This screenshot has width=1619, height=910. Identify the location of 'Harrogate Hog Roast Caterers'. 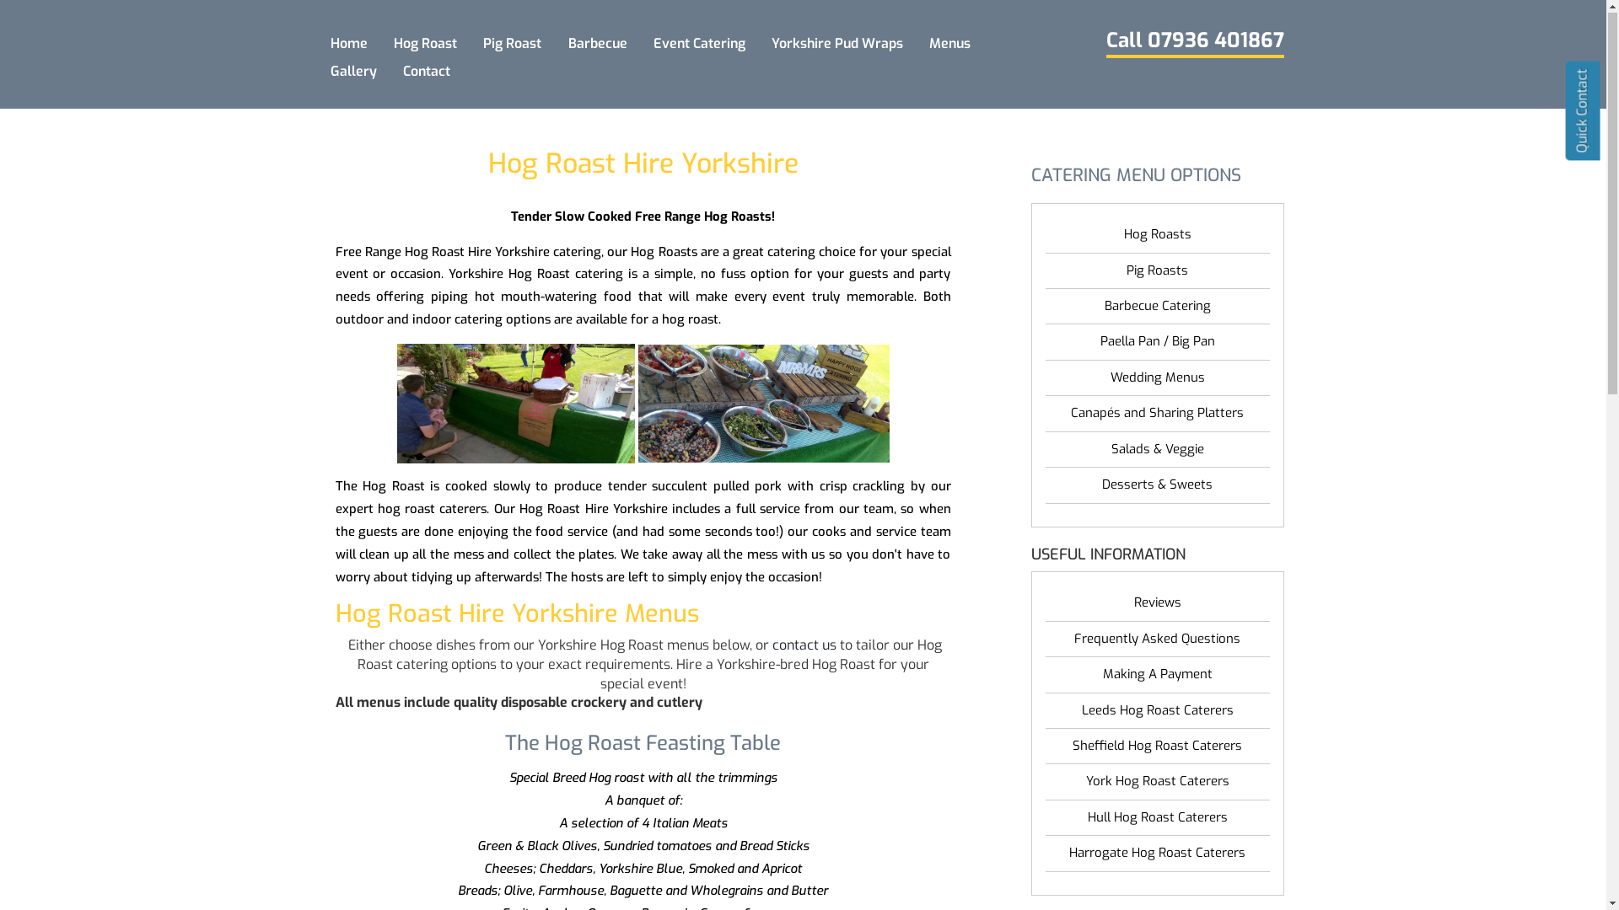
(1044, 854).